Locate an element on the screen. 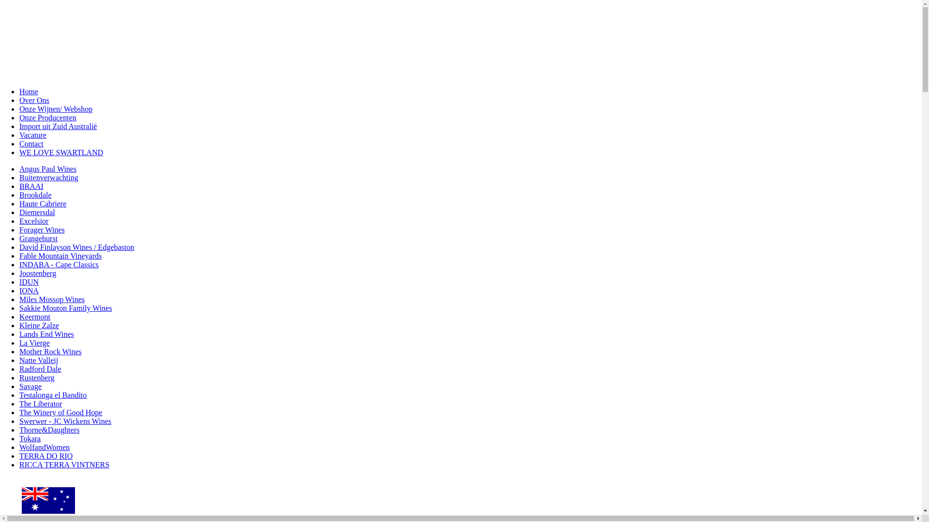 Image resolution: width=929 pixels, height=522 pixels. 'Excelsior' is located at coordinates (34, 221).